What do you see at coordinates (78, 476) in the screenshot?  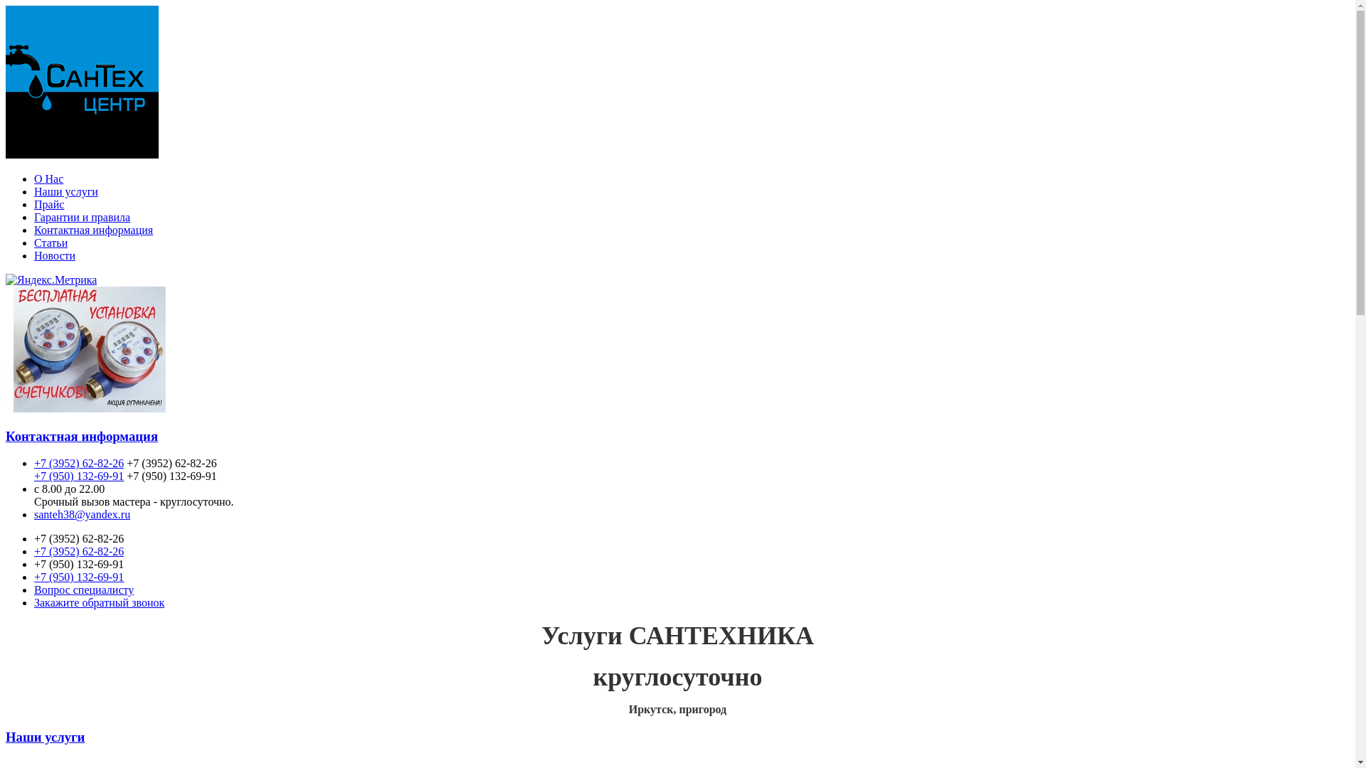 I see `'+7 (950) 132-69-91'` at bounding box center [78, 476].